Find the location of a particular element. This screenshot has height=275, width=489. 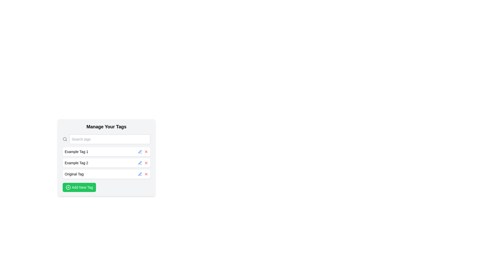

the static label 'Original Tag' which is a text block located at the beginning of a row with interactive icons to the right, featuring a light background and rounded styling is located at coordinates (74, 174).